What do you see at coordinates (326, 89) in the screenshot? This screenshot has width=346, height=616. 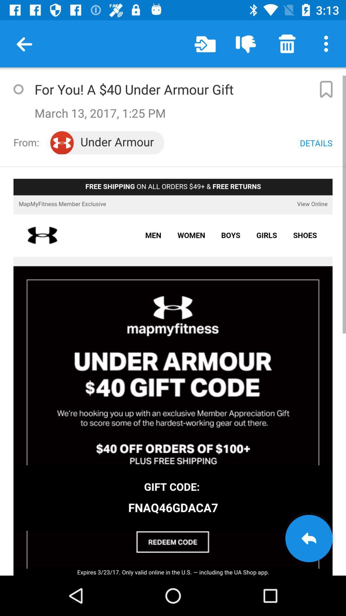 I see `to bookmarks` at bounding box center [326, 89].